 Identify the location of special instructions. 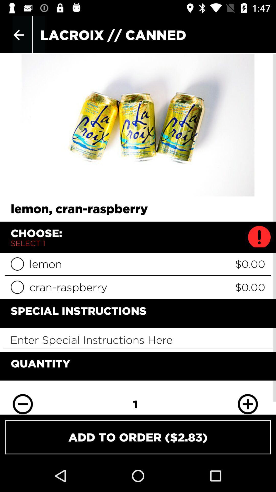
(138, 340).